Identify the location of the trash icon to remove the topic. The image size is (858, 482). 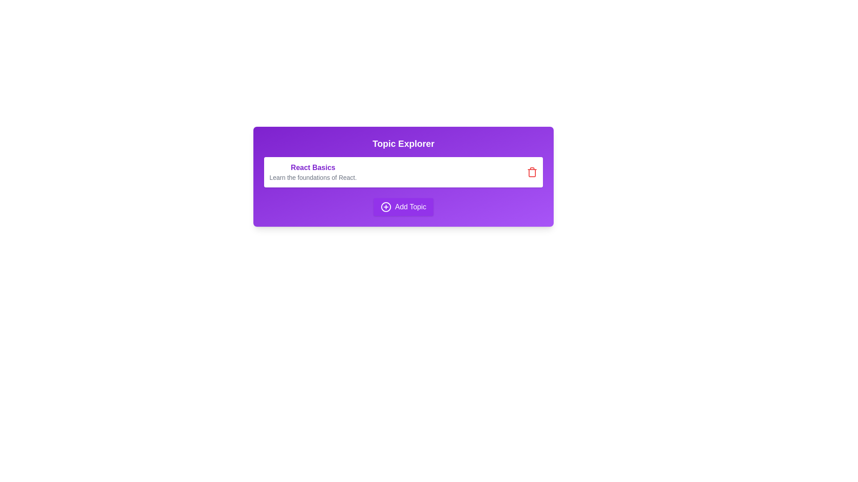
(532, 172).